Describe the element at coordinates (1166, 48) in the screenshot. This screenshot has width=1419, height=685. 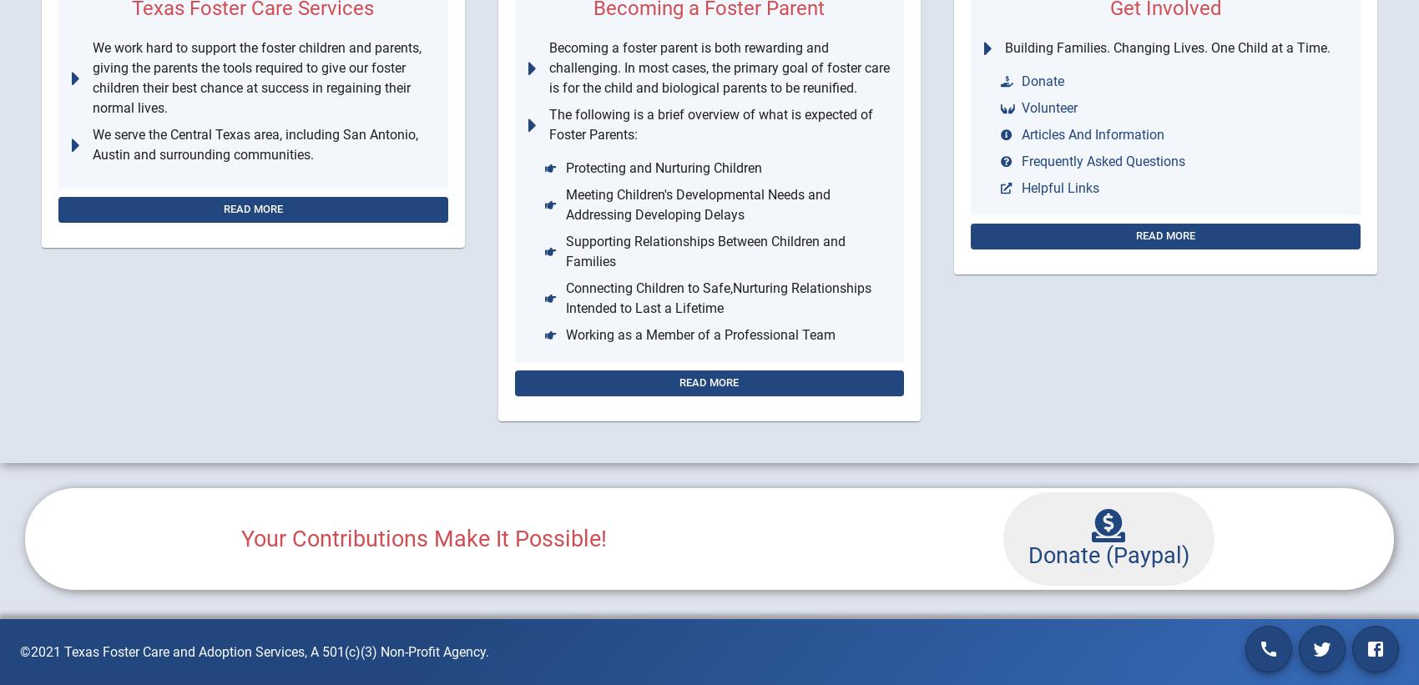
I see `'Building Families. Changing Lives. One Child at a Time.'` at that location.